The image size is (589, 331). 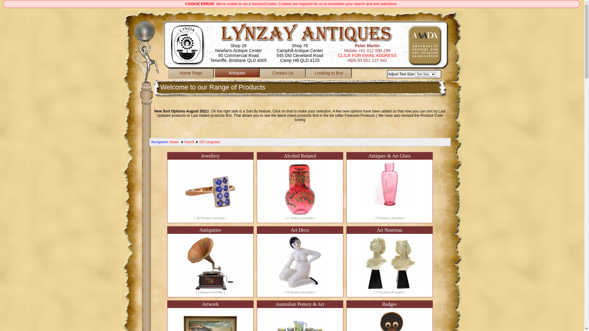 I want to click on 'Art Deco, so click(x=300, y=261).